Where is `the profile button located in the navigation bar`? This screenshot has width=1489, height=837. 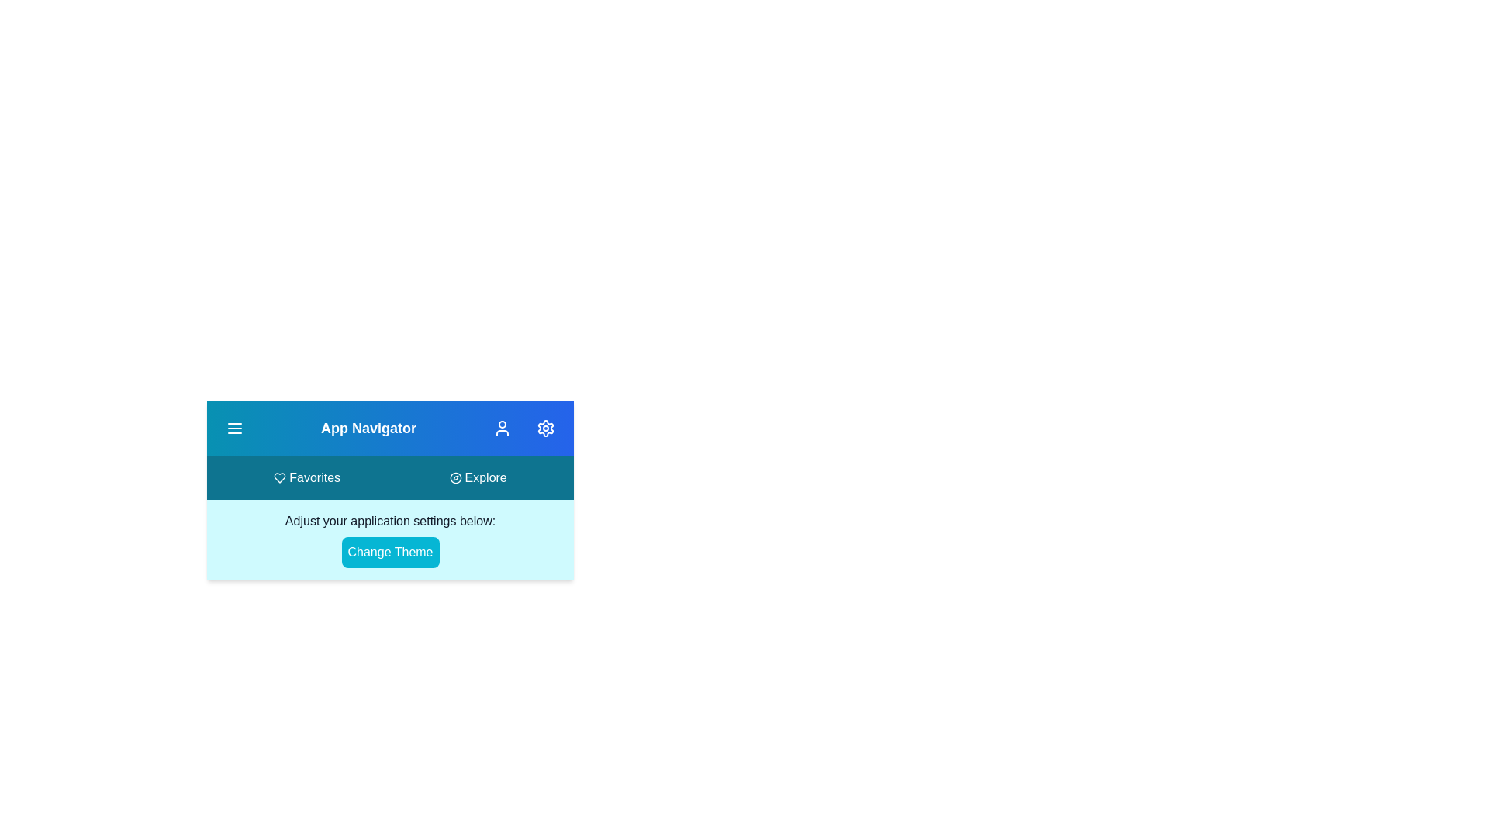 the profile button located in the navigation bar is located at coordinates (503, 428).